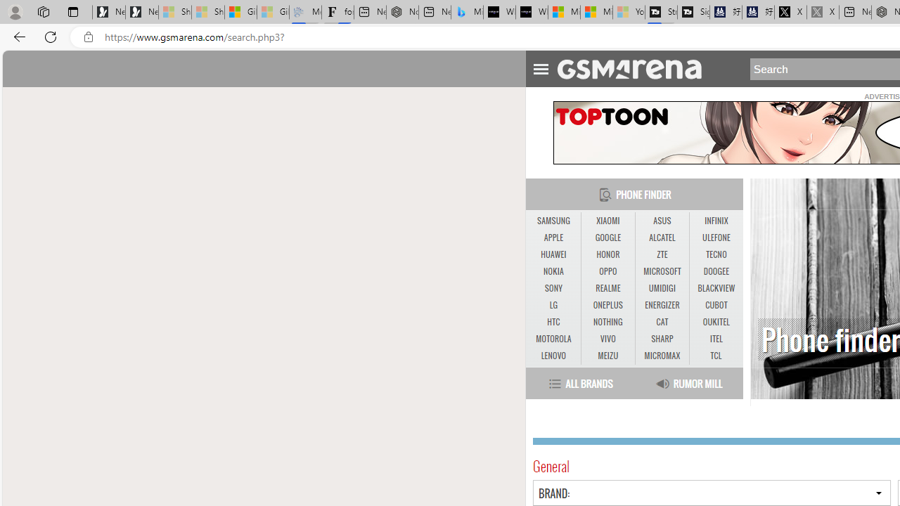 The height and width of the screenshot is (506, 900). What do you see at coordinates (716, 339) in the screenshot?
I see `'ITEL'` at bounding box center [716, 339].